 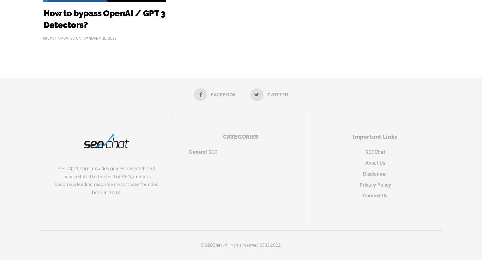 I want to click on 'Contact Us', so click(x=374, y=195).